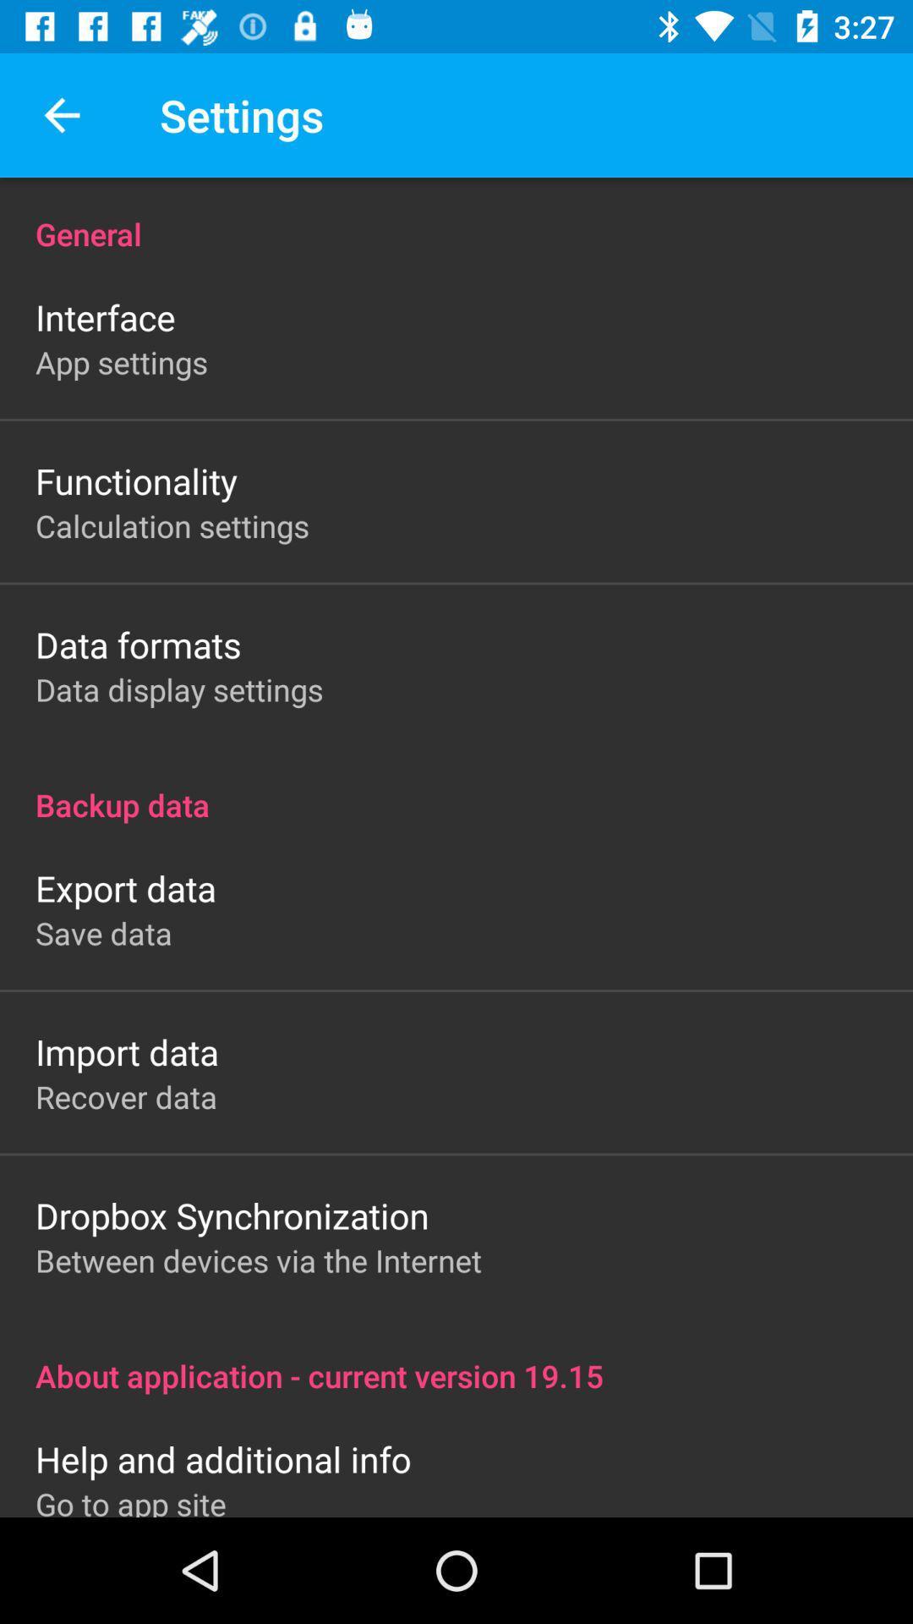  I want to click on the icon below calculation settings icon, so click(137, 644).